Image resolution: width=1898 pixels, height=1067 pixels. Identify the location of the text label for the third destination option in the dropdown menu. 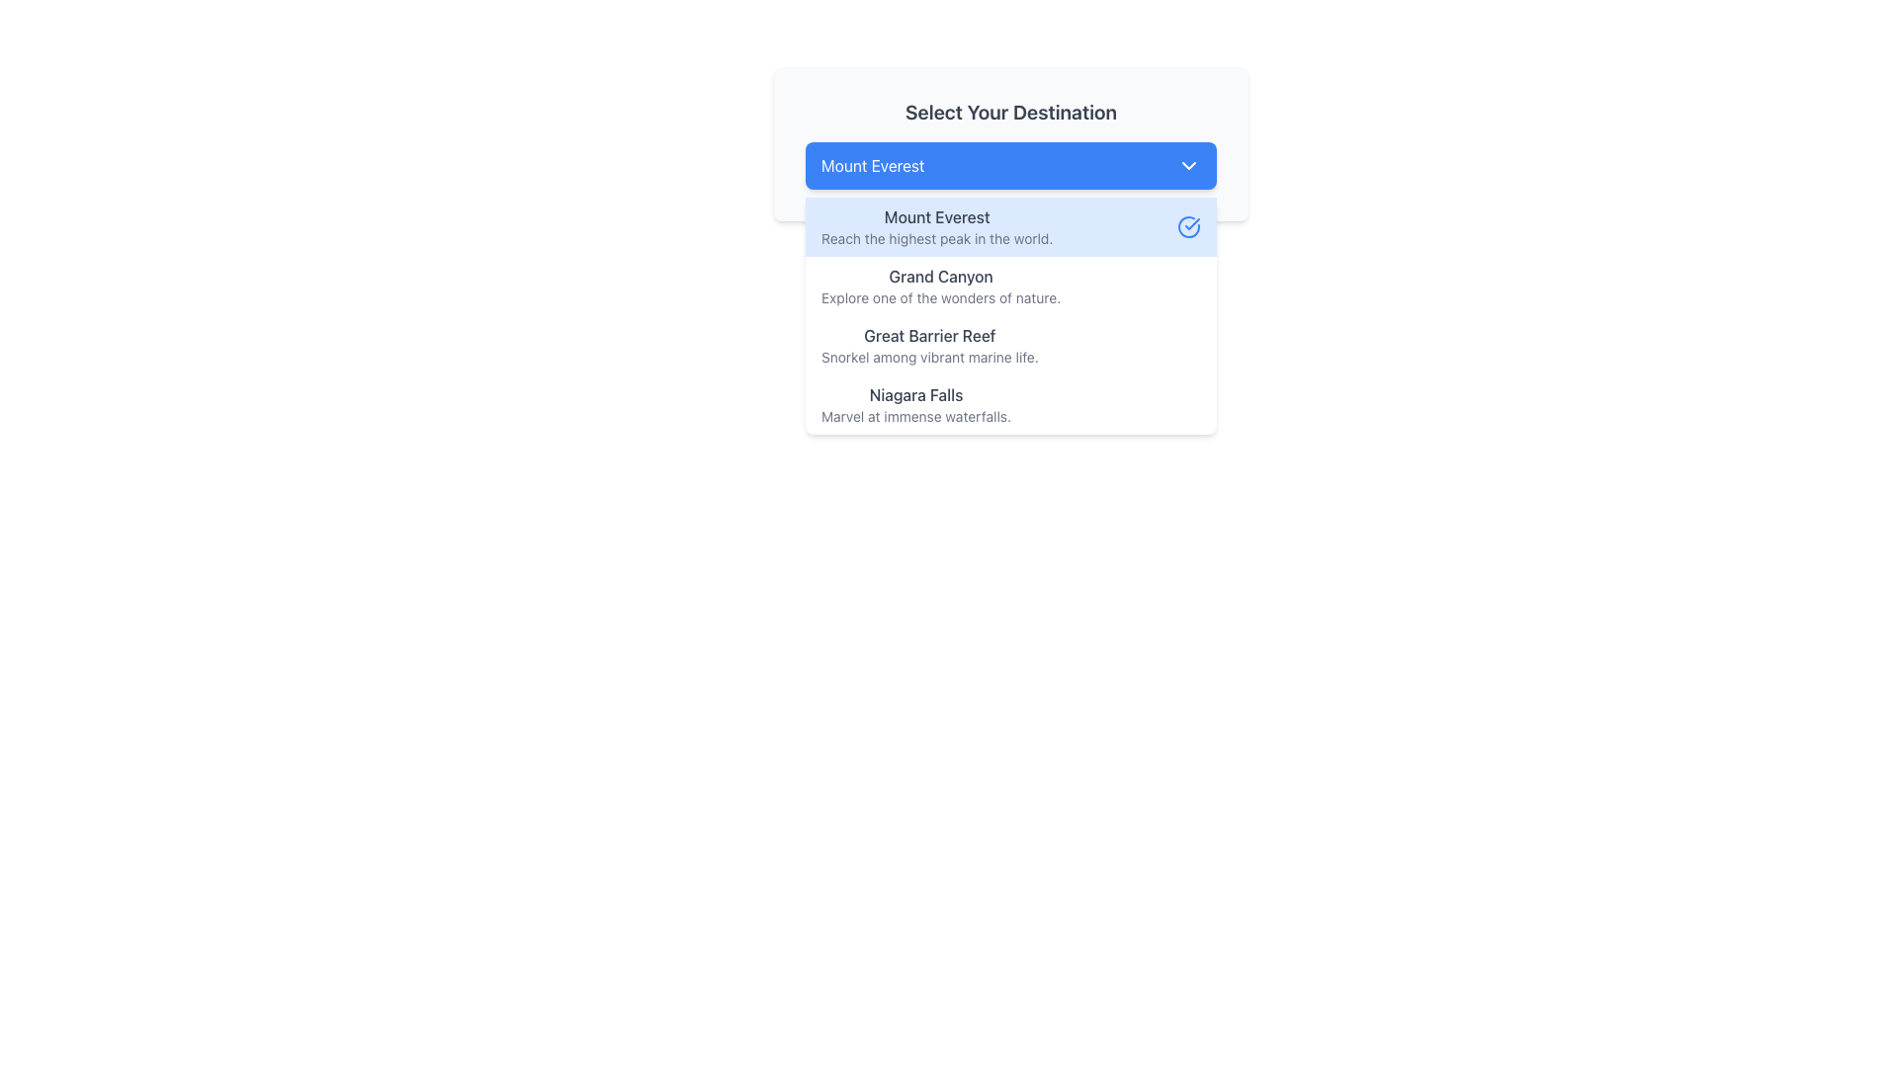
(928, 334).